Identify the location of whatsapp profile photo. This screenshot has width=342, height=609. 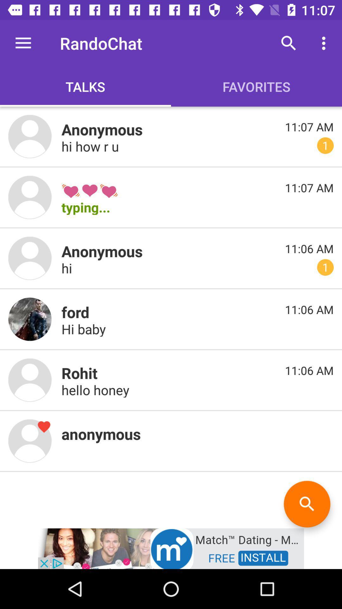
(30, 441).